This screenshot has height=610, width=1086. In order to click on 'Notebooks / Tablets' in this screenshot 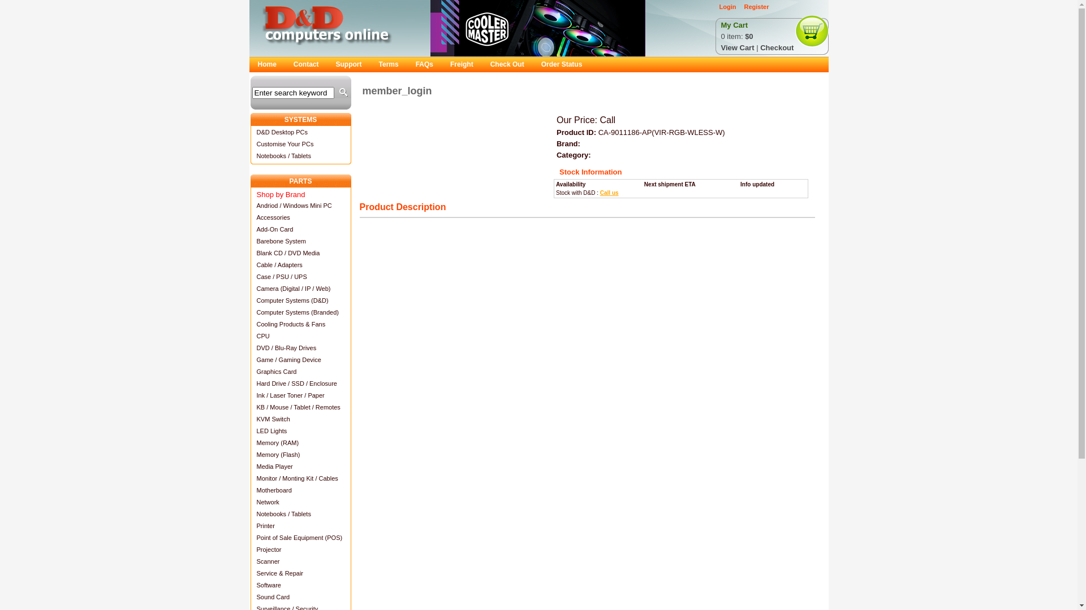, I will do `click(300, 513)`.